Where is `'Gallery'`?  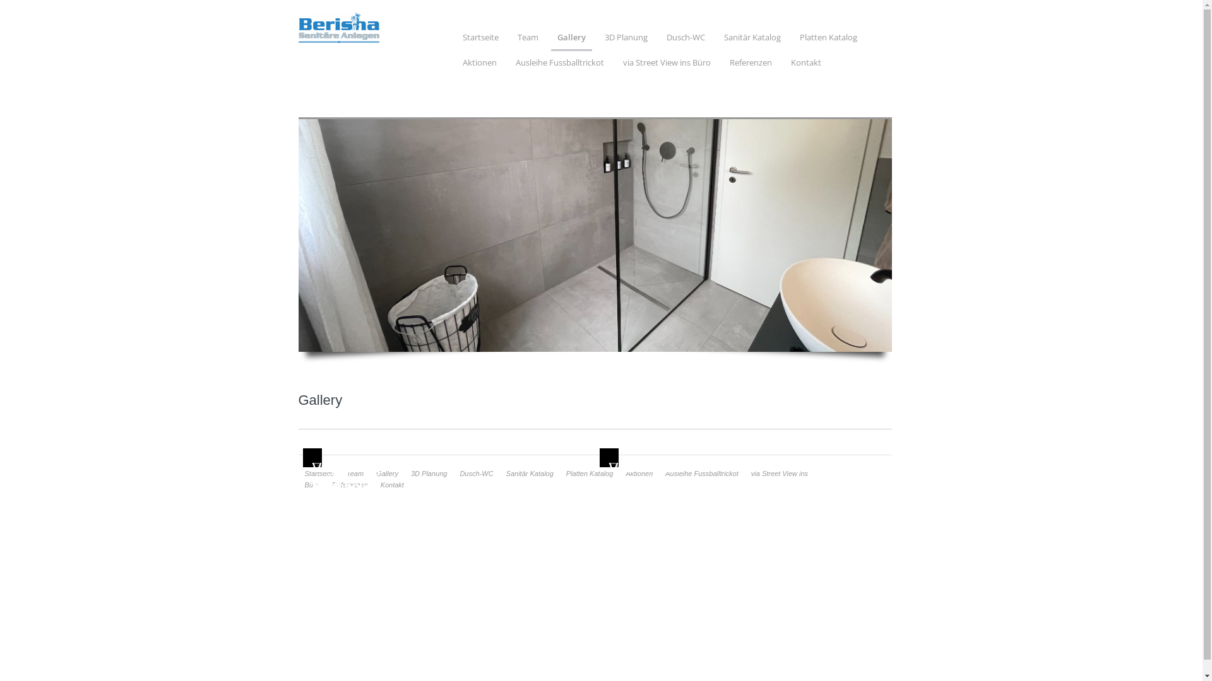
'Gallery' is located at coordinates (570, 40).